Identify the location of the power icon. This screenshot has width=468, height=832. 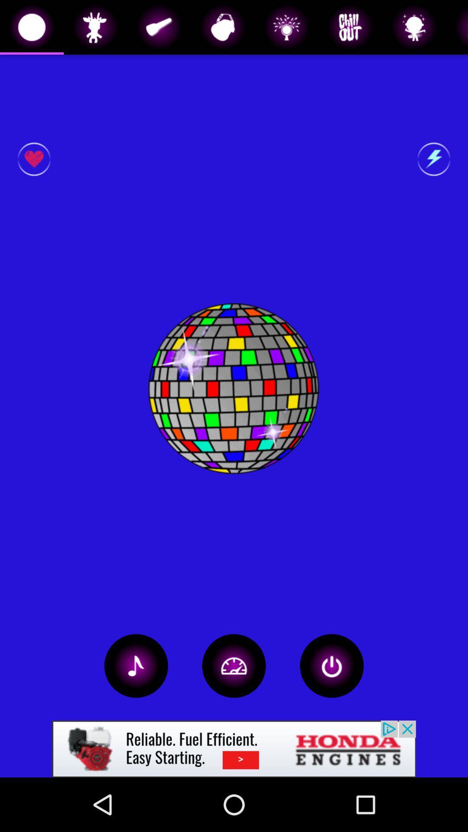
(331, 665).